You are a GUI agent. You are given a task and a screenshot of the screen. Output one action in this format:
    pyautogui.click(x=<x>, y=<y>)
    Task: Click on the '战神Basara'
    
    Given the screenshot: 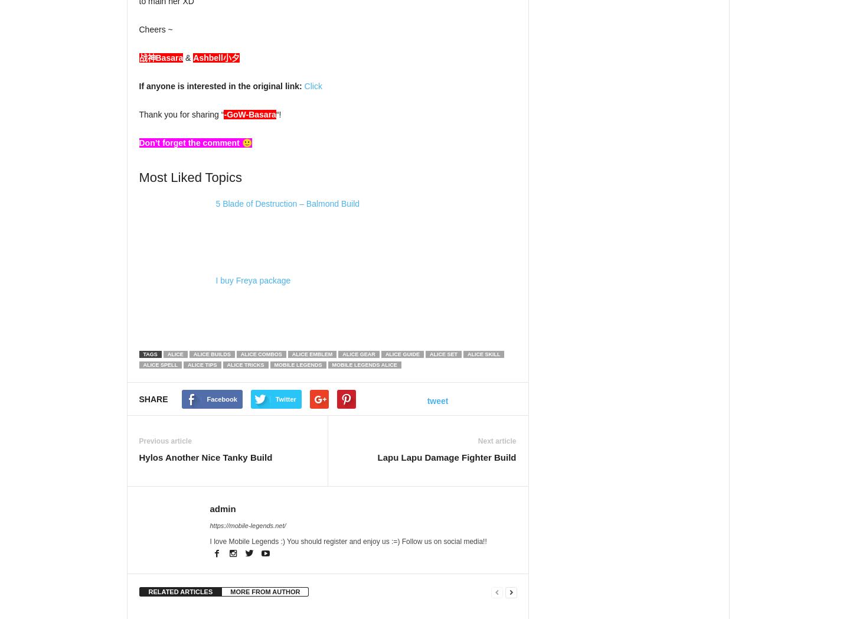 What is the action you would take?
    pyautogui.click(x=161, y=57)
    